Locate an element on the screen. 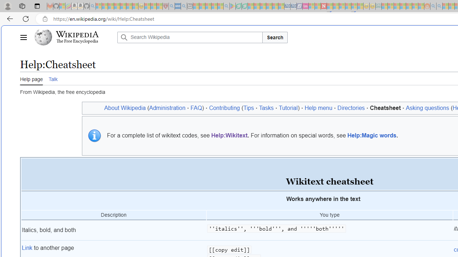  'Jobs - lastminute.com Investor Portal - Sleeping' is located at coordinates (305, 6).